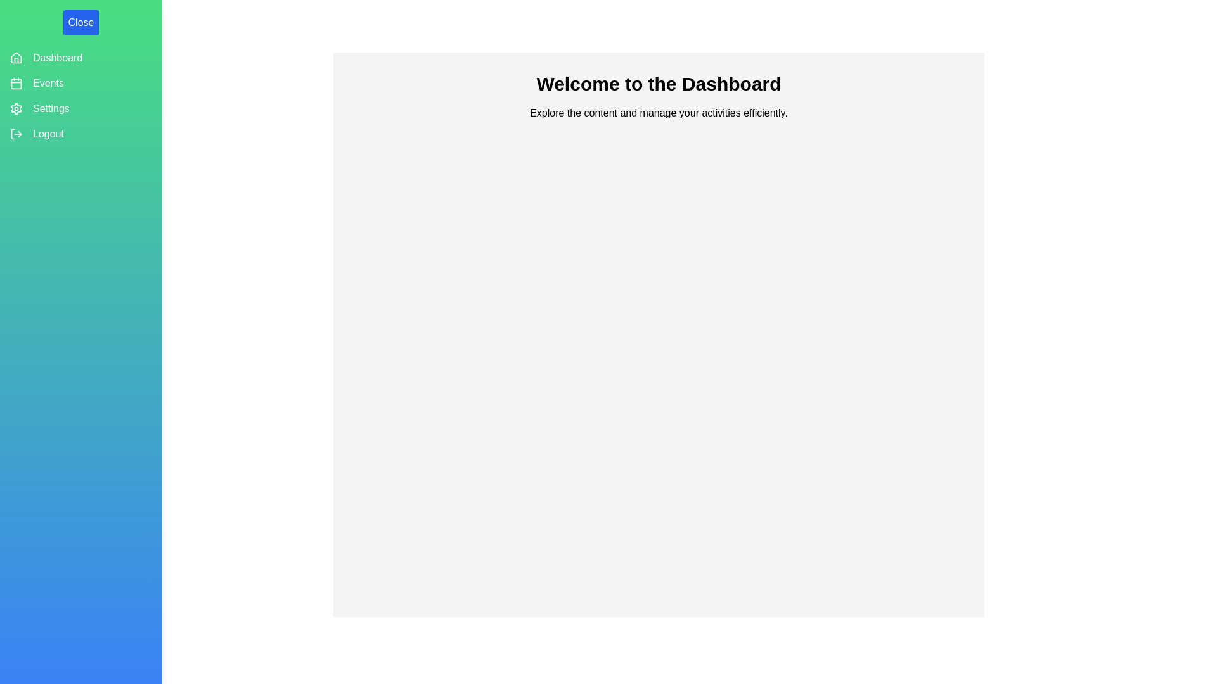  What do you see at coordinates (80, 134) in the screenshot?
I see `the 'Logout' button in the navigation drawer` at bounding box center [80, 134].